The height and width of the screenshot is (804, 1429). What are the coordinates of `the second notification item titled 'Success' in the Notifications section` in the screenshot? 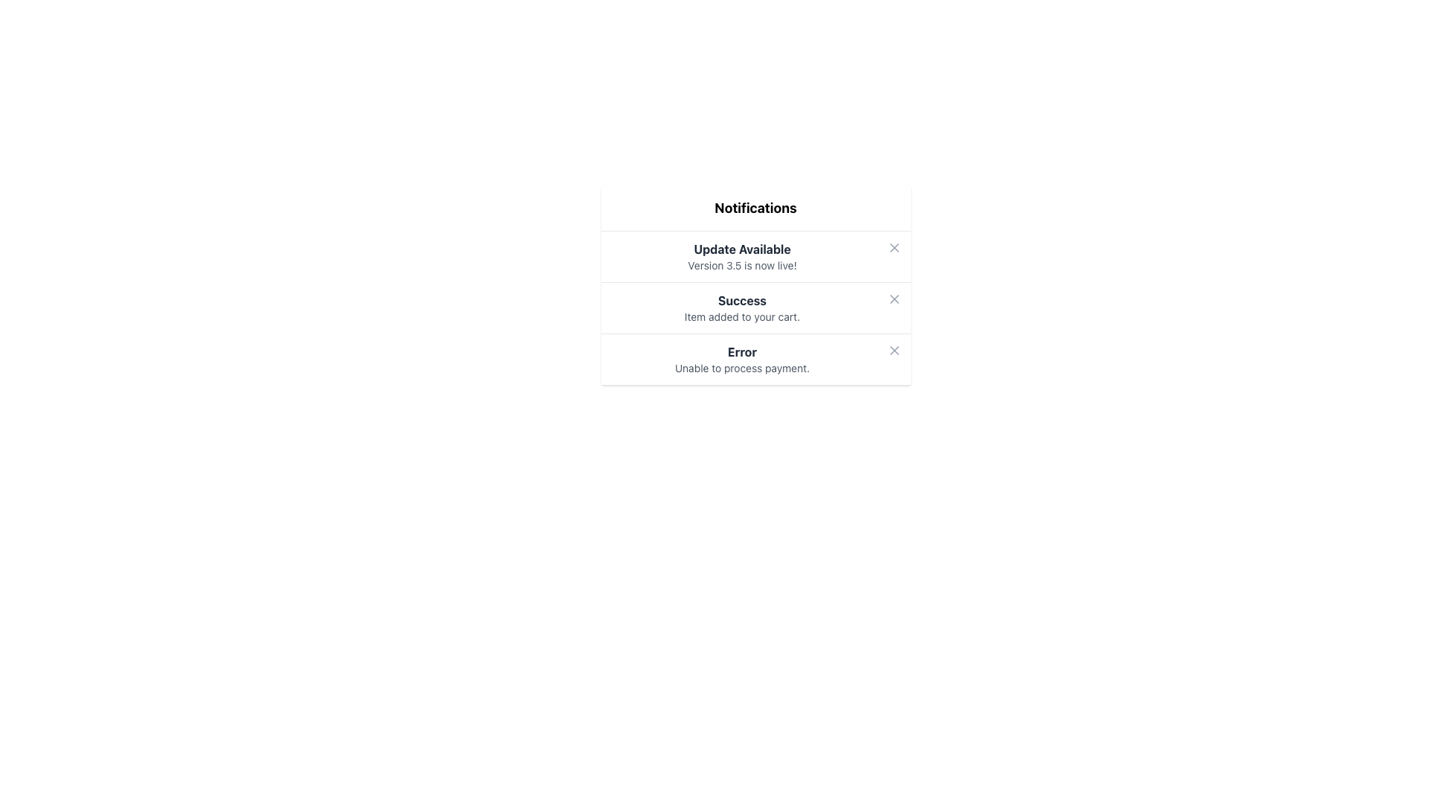 It's located at (755, 286).